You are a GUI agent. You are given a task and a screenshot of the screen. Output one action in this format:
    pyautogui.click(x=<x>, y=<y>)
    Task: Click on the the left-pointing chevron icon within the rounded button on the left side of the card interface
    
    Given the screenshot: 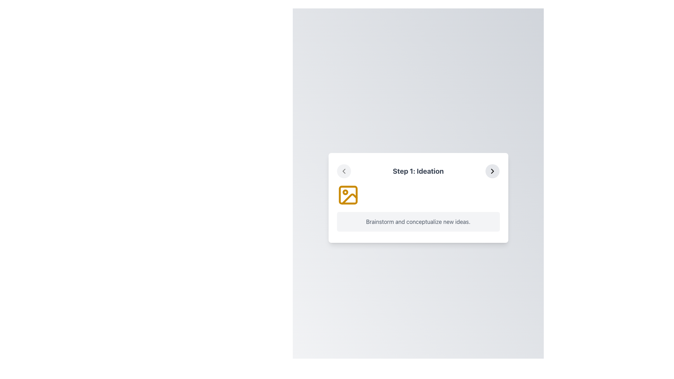 What is the action you would take?
    pyautogui.click(x=344, y=171)
    